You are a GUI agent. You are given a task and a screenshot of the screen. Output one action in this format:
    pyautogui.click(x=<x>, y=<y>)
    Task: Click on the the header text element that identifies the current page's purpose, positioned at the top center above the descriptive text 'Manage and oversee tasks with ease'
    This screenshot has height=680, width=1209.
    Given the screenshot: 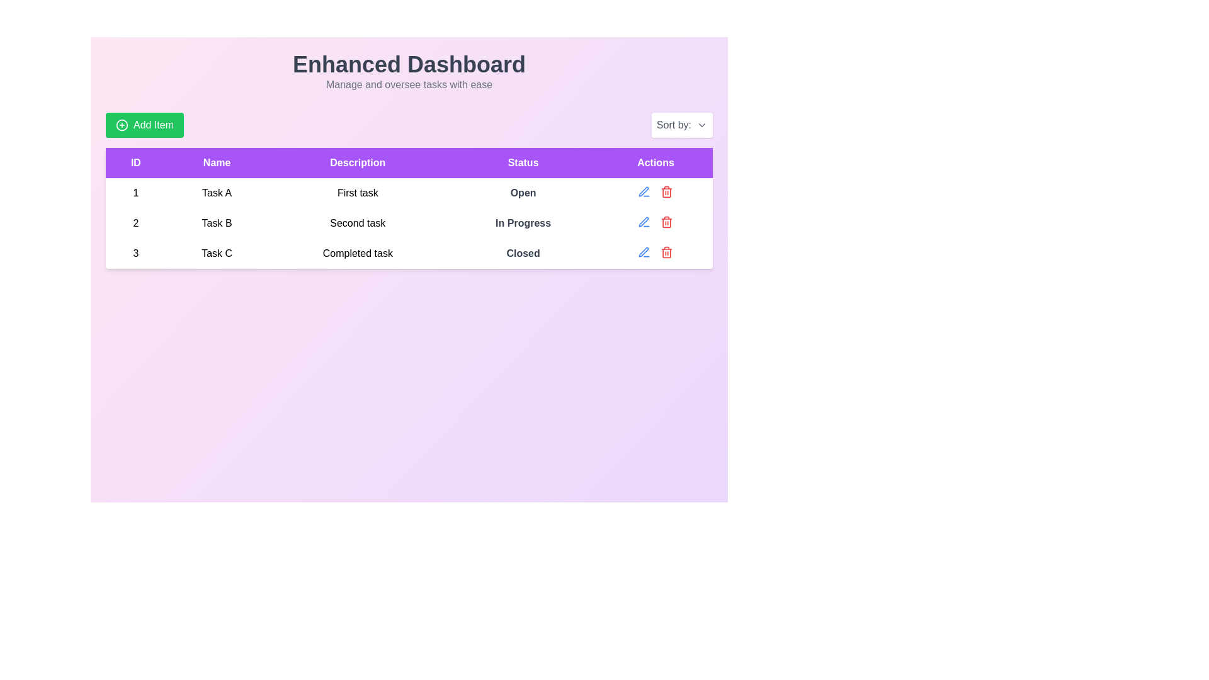 What is the action you would take?
    pyautogui.click(x=409, y=65)
    